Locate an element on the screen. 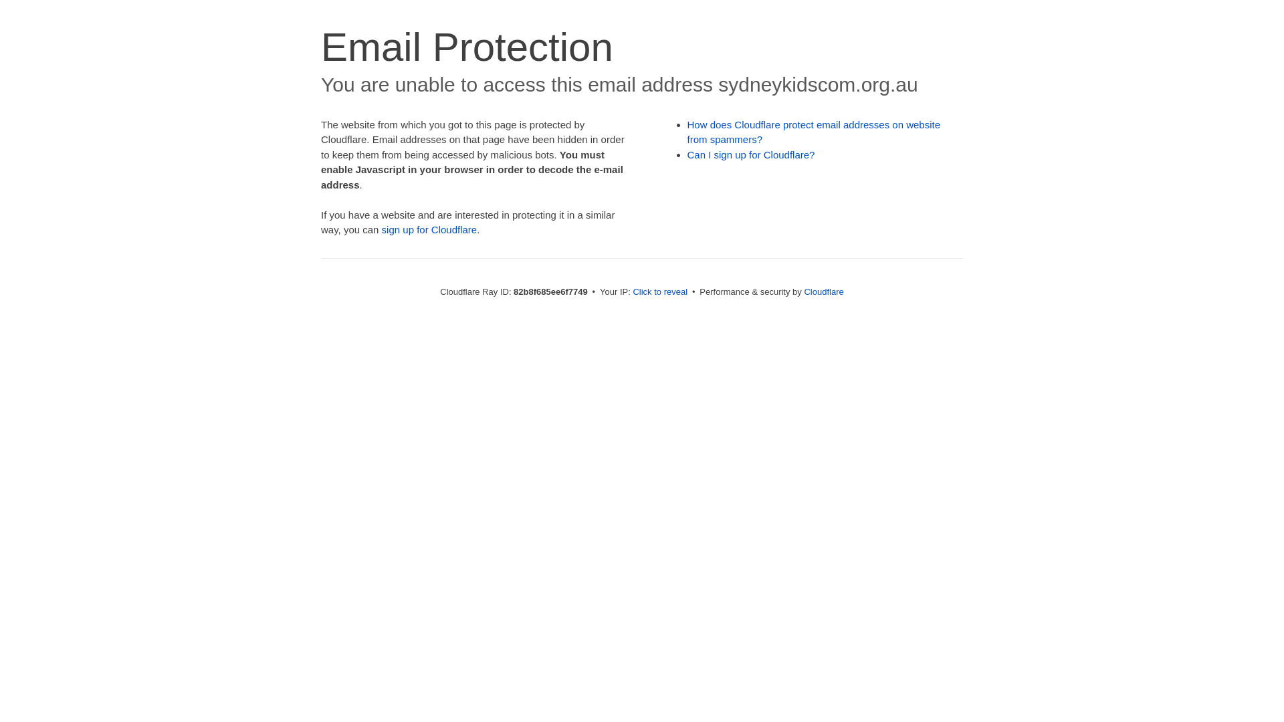 The image size is (1284, 722). 'Click to reveal' is located at coordinates (631, 291).